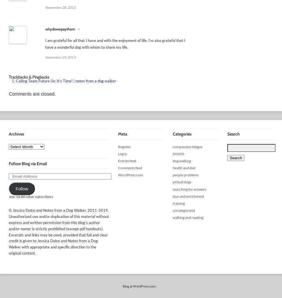 Image resolution: width=282 pixels, height=298 pixels. I want to click on 'training', so click(178, 203).